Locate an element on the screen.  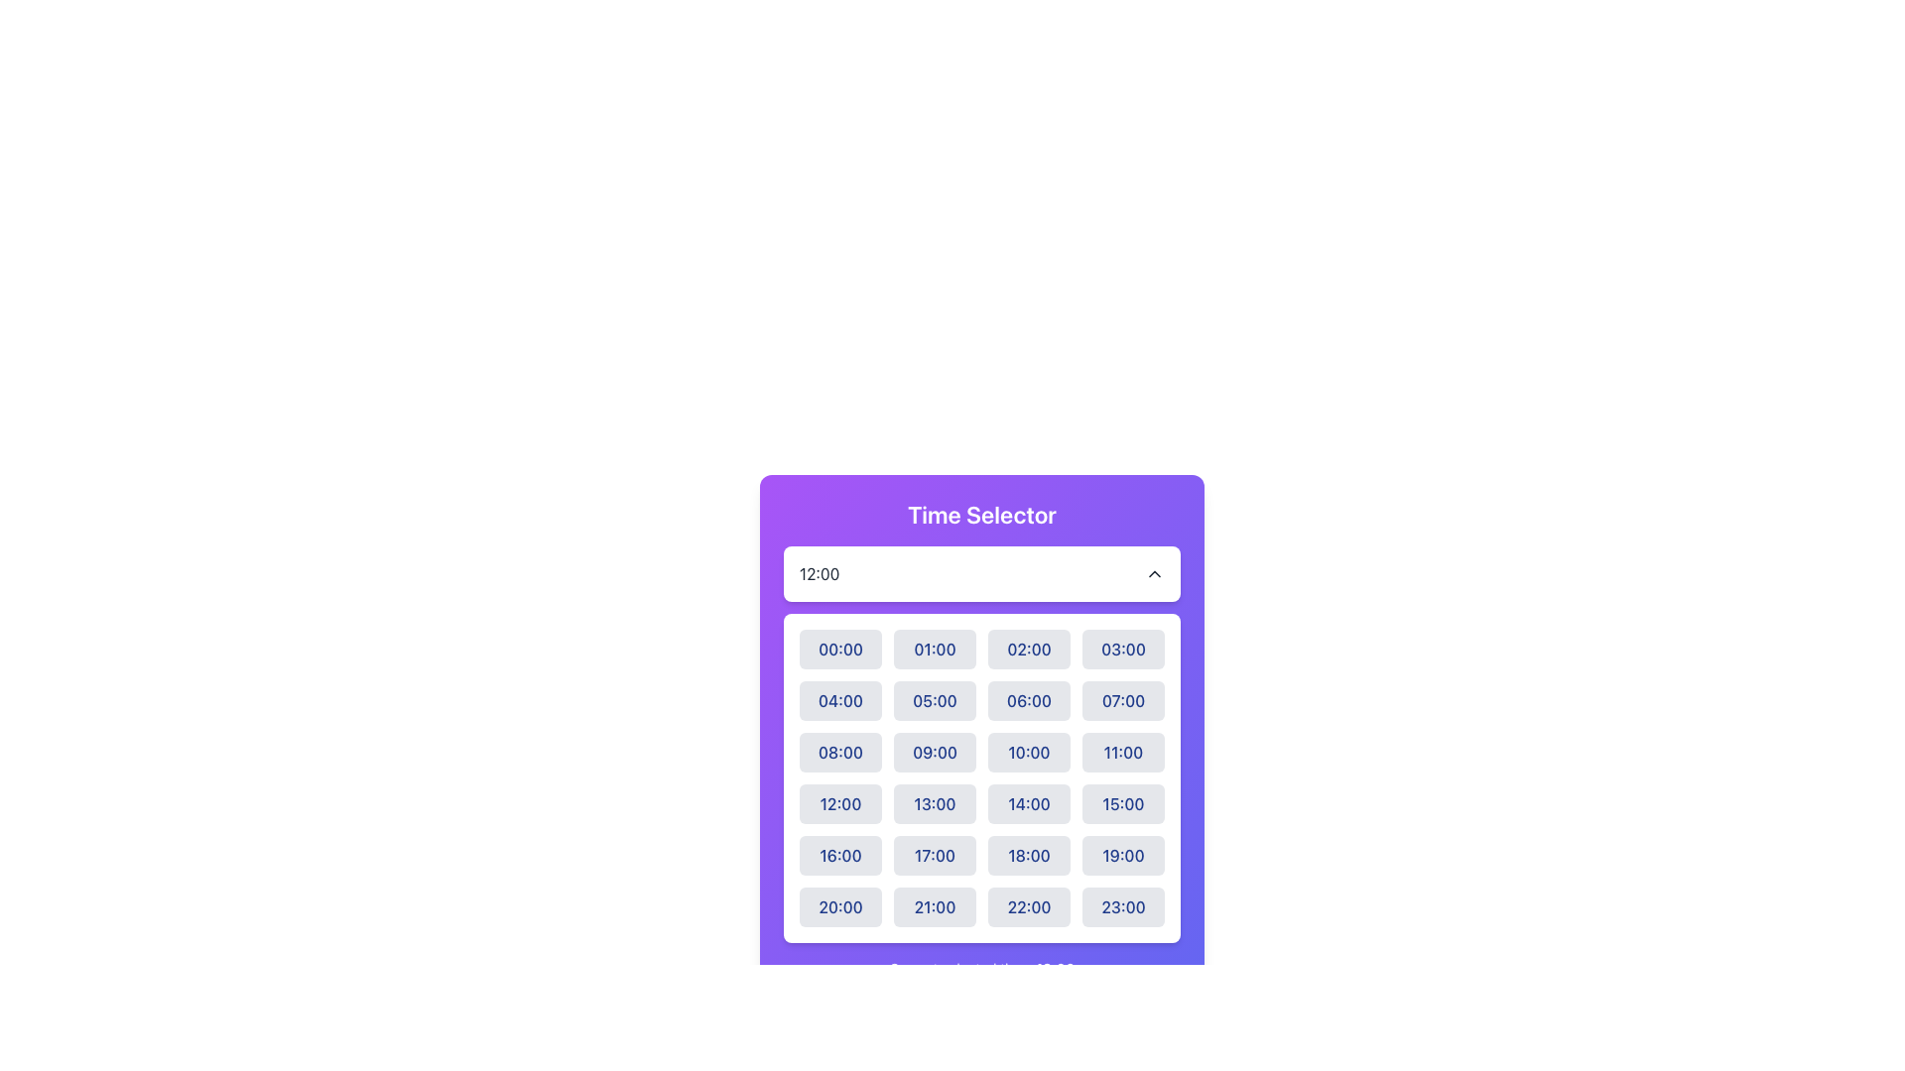
the selectable time option button labeled '14:00' in the time selector component is located at coordinates (1029, 803).